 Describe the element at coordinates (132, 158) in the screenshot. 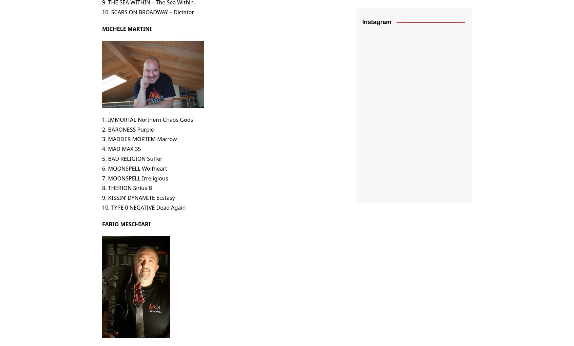

I see `'5. BAD RELIGION Suffer'` at that location.